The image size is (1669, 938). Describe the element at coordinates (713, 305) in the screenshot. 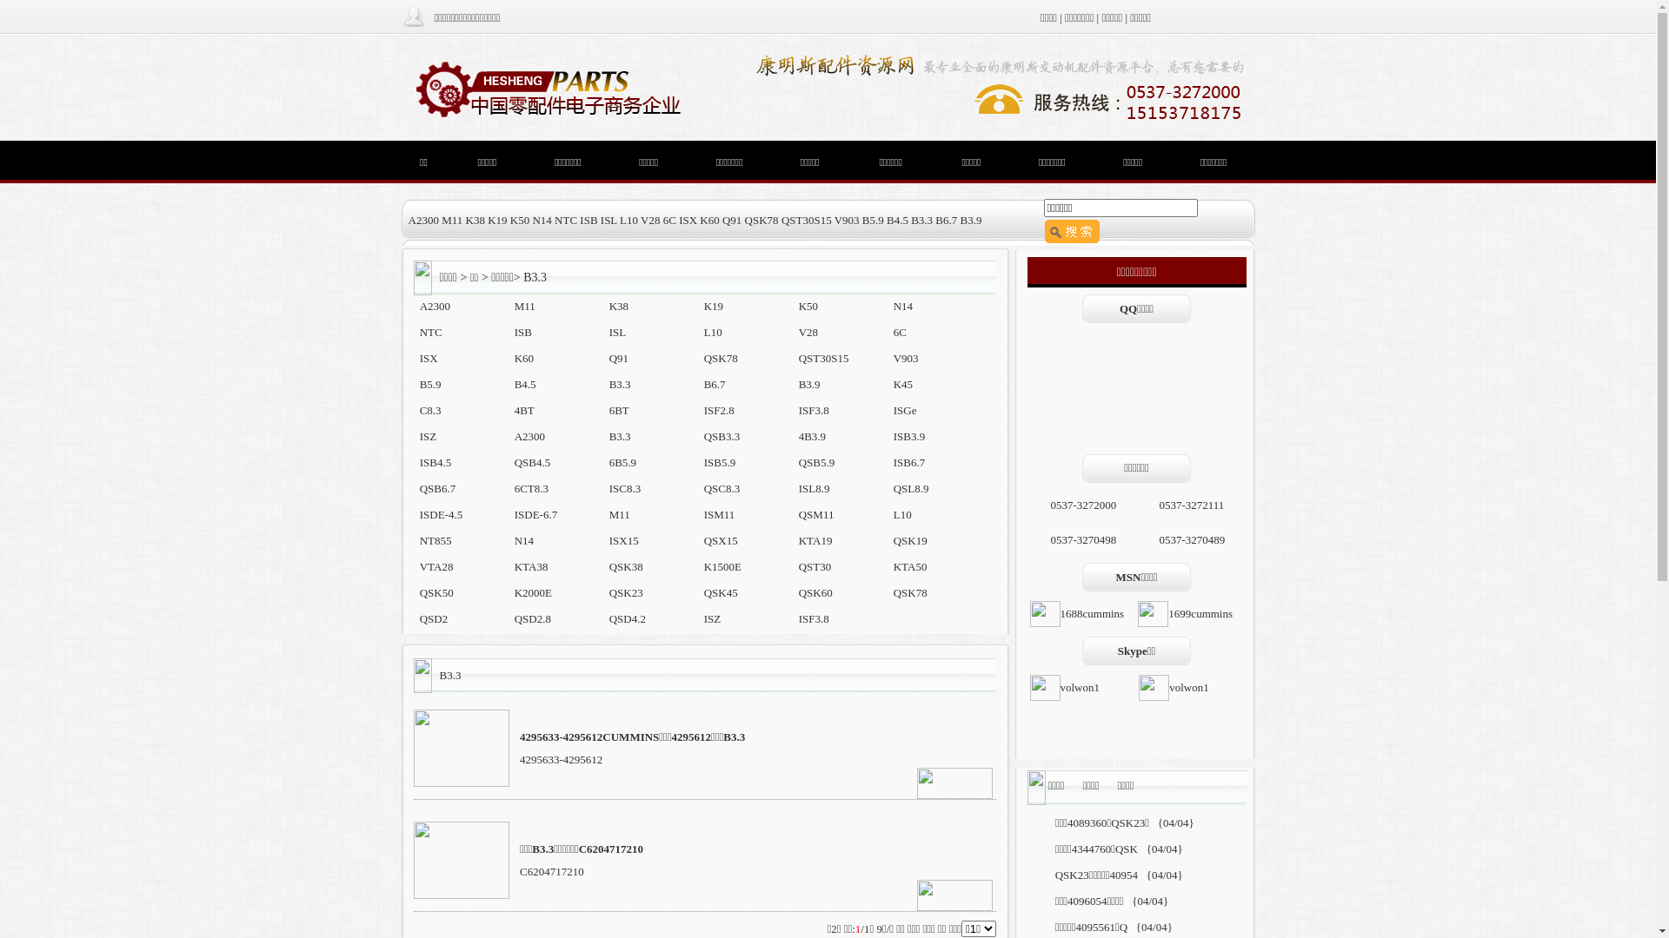

I see `'K19'` at that location.